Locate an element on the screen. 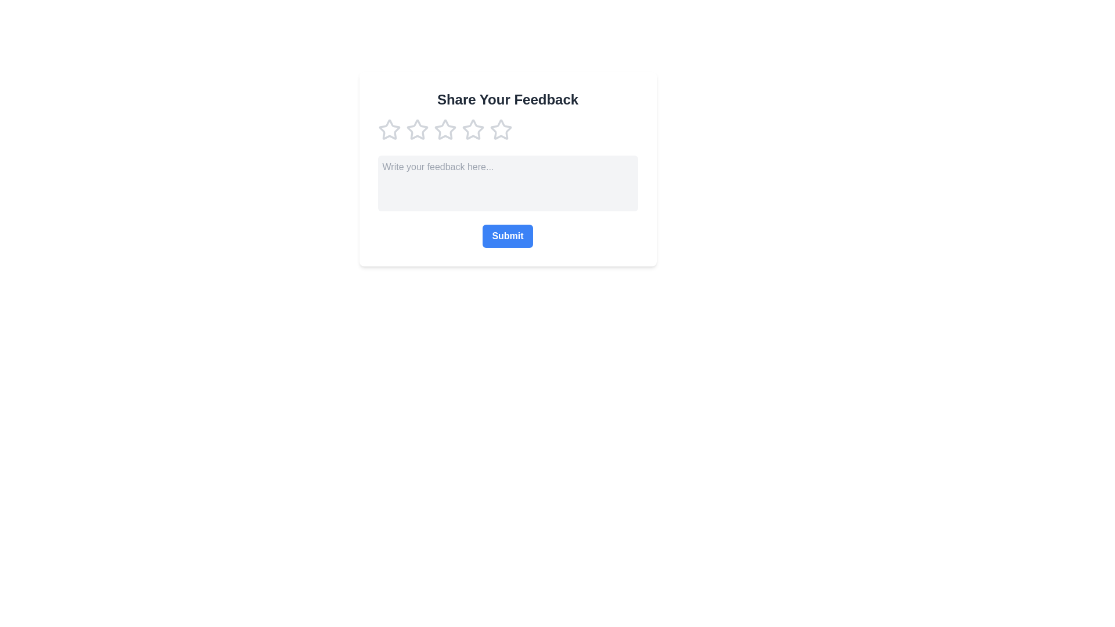 Image resolution: width=1115 pixels, height=627 pixels. the feedback input box to focus on it is located at coordinates (508, 183).